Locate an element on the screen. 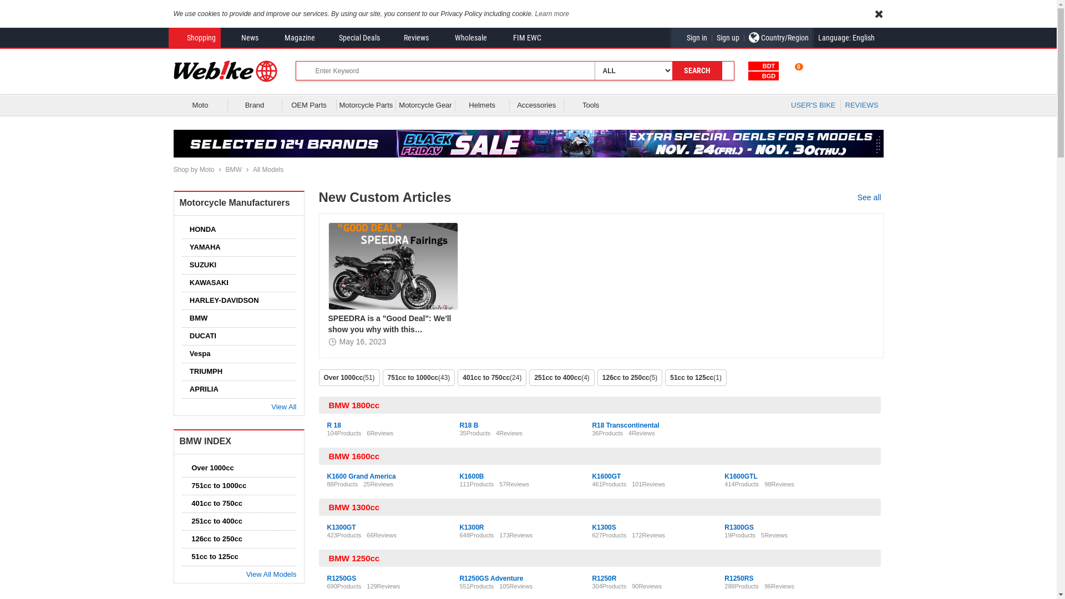 Image resolution: width=1065 pixels, height=599 pixels. 'Magazine' is located at coordinates (292, 37).